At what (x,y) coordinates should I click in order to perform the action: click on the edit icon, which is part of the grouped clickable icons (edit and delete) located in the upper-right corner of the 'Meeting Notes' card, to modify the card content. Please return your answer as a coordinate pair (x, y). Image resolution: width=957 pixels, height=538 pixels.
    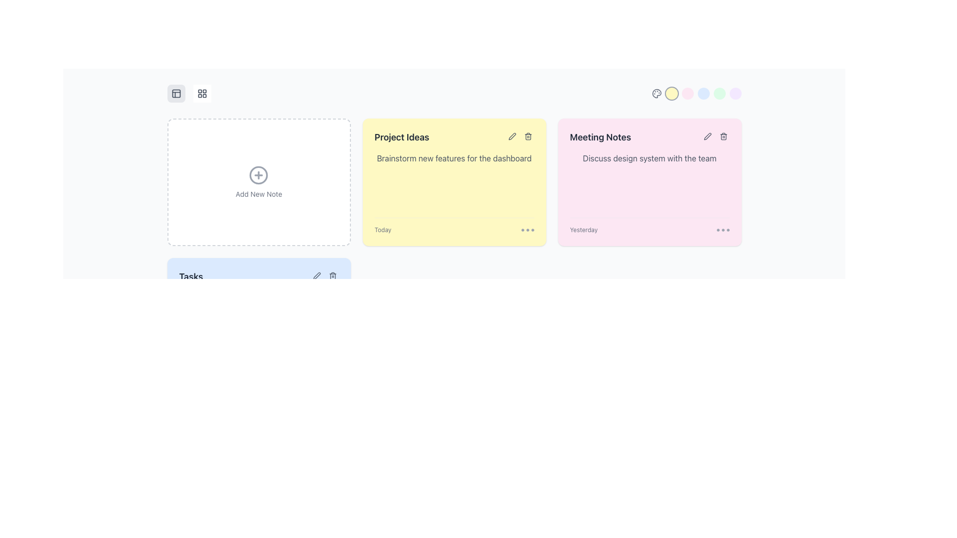
    Looking at the image, I should click on (715, 136).